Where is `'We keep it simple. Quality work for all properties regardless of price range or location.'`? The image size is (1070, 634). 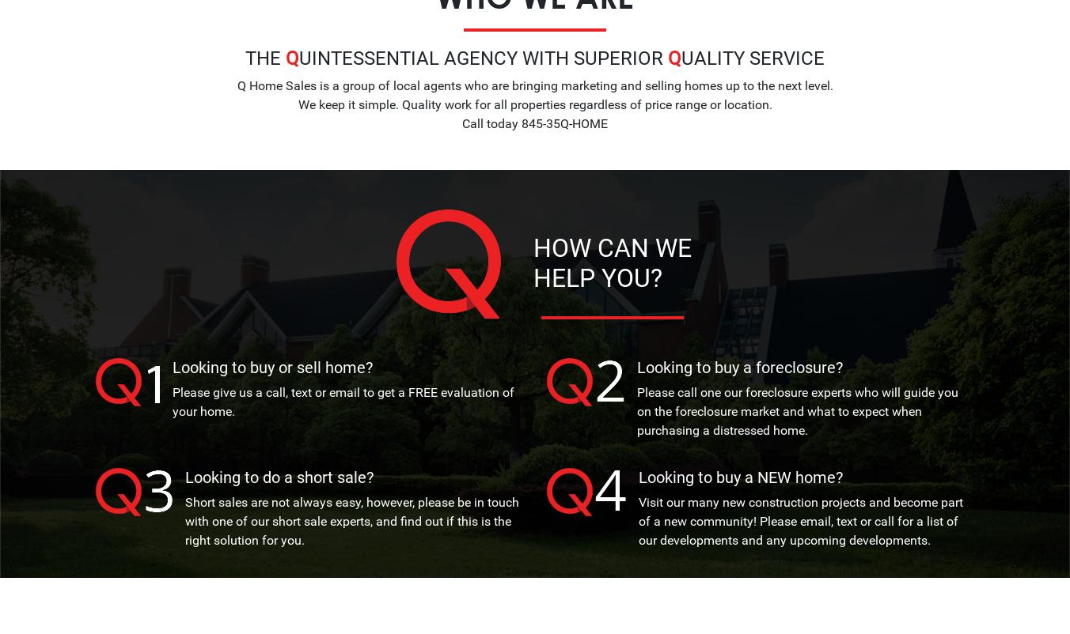
'We keep it simple. Quality work for all properties regardless of price range or location.' is located at coordinates (534, 103).